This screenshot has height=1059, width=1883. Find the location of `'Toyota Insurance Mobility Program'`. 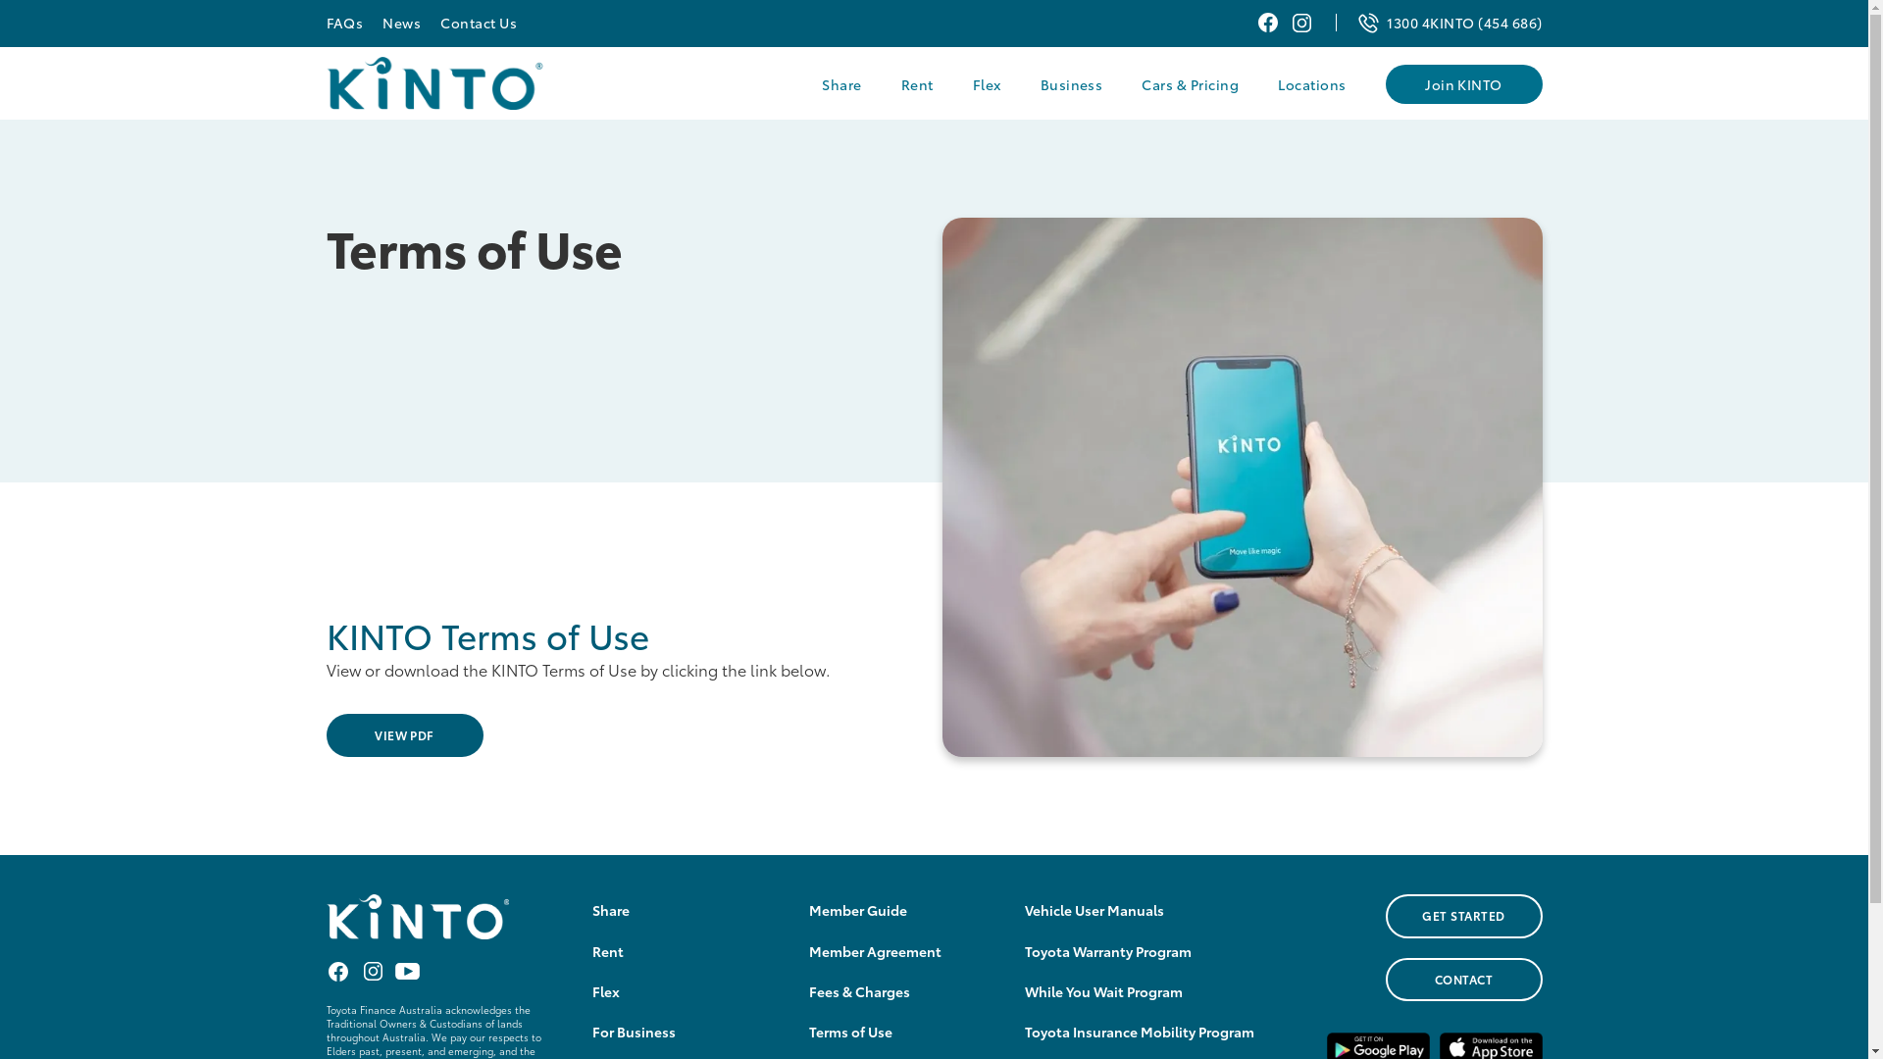

'Toyota Insurance Mobility Program' is located at coordinates (1139, 1031).